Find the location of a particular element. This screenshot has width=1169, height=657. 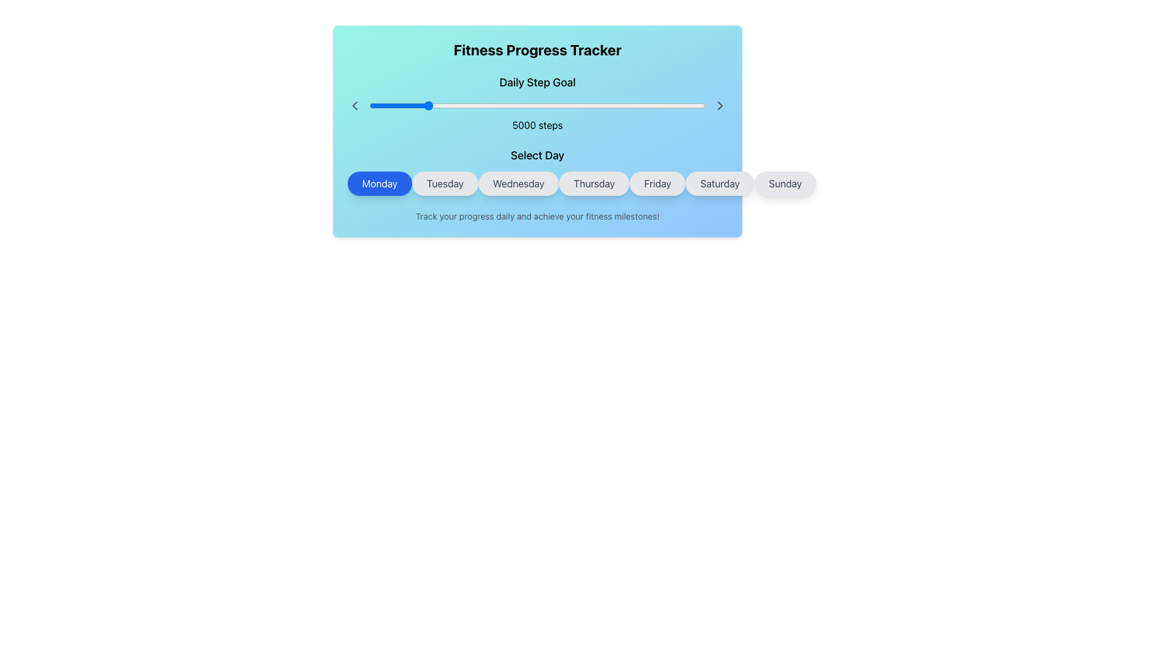

the 'Wednesday' button located below the 'Select Day' text to trigger a visual change is located at coordinates (537, 183).